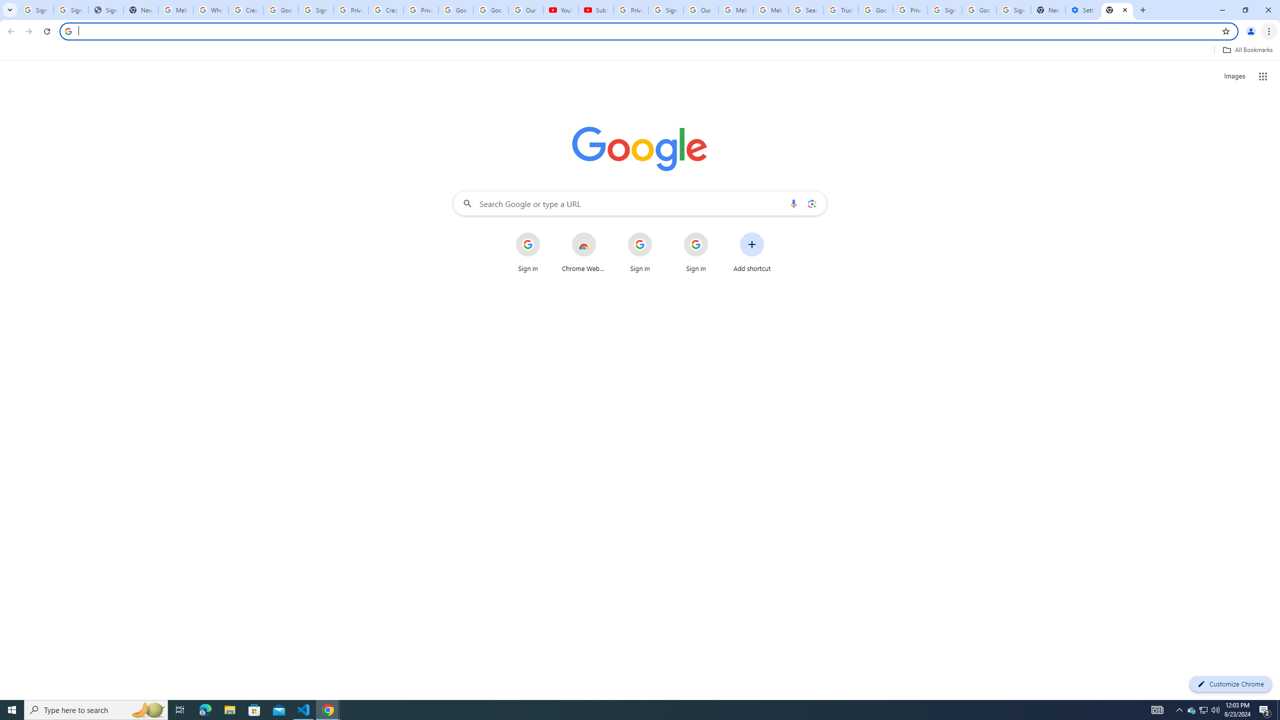 The height and width of the screenshot is (720, 1280). I want to click on 'Trusted Information and Content - Google Safety Center', so click(840, 9).